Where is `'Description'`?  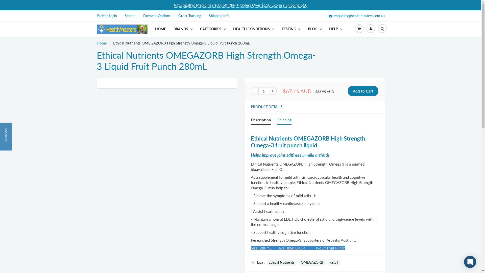
'Description' is located at coordinates (260, 121).